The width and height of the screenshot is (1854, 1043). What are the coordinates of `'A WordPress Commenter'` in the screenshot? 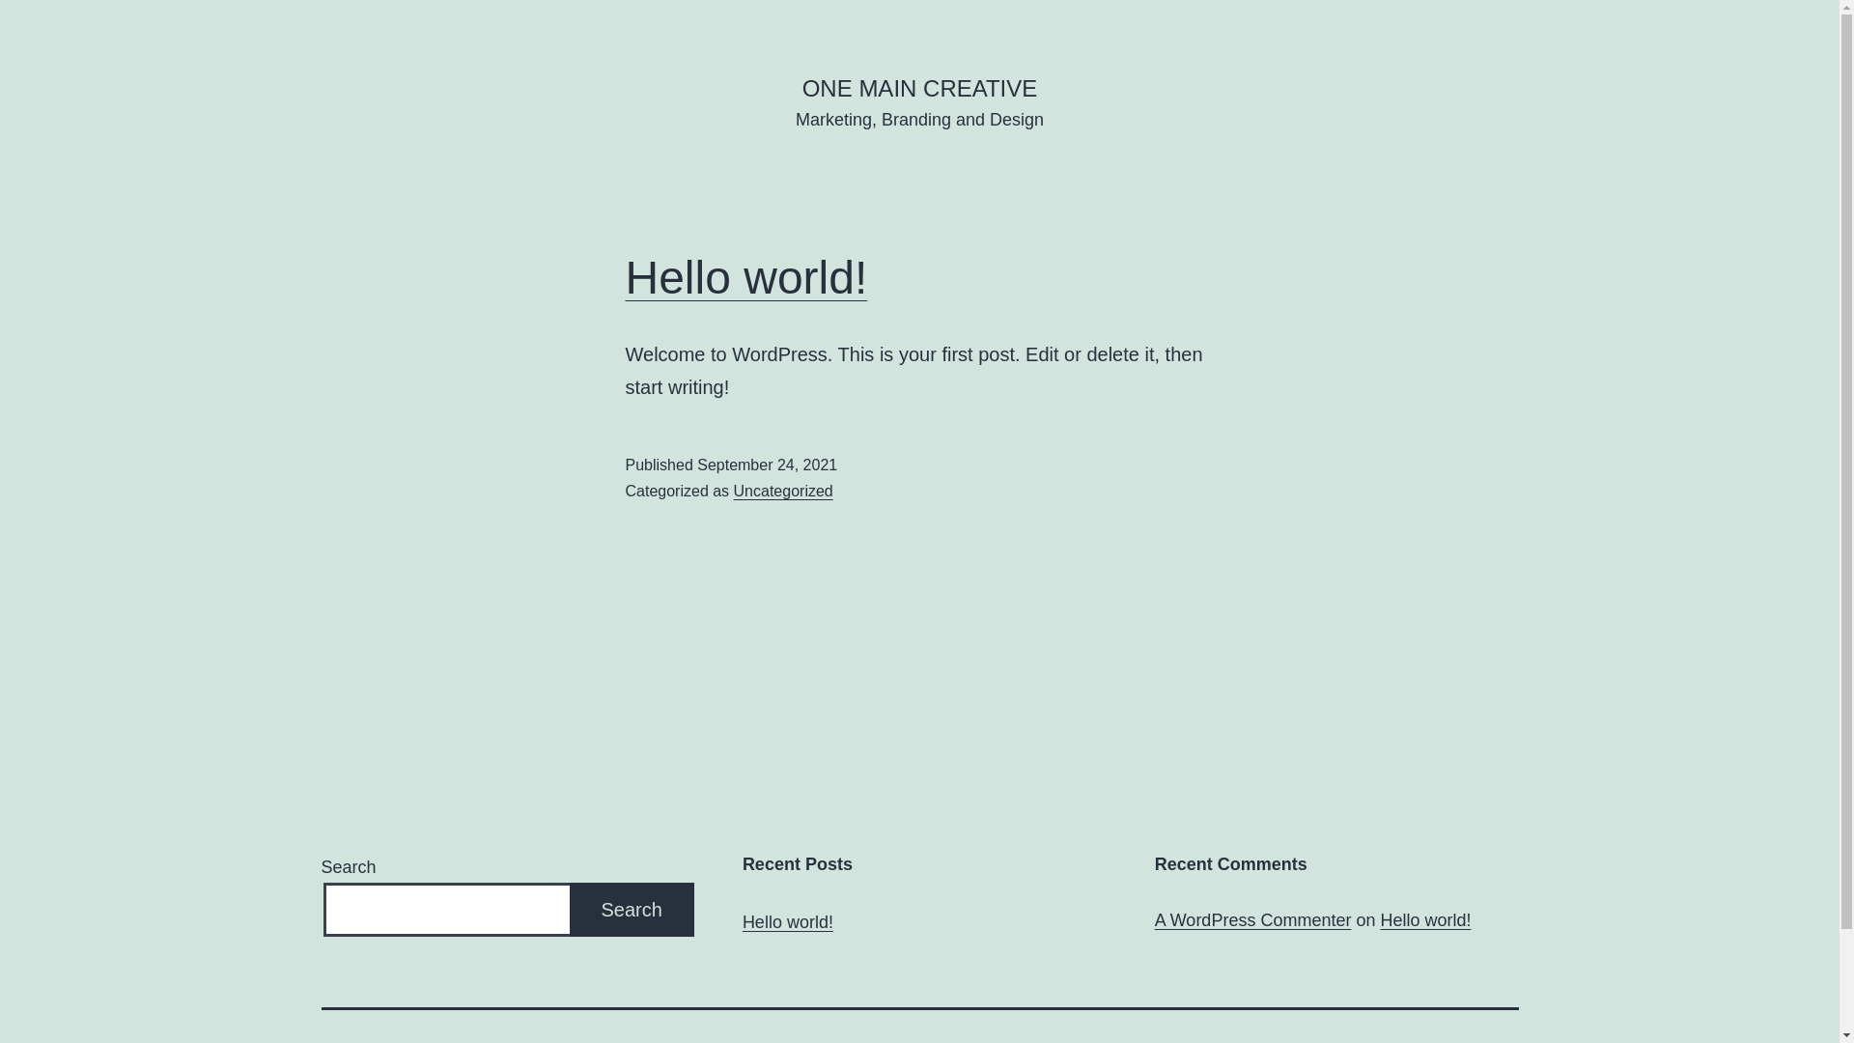 It's located at (1252, 918).